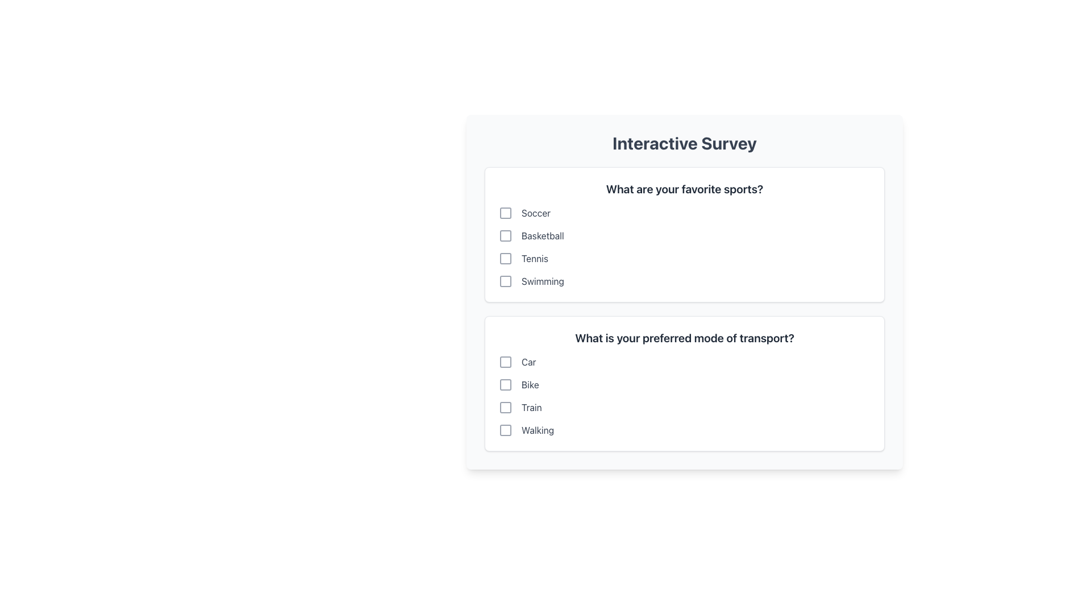 The height and width of the screenshot is (614, 1091). What do you see at coordinates (505, 213) in the screenshot?
I see `the checkbox located on the left side of the first list item labeled 'What are your favorite sports?' above the text 'Soccer'` at bounding box center [505, 213].